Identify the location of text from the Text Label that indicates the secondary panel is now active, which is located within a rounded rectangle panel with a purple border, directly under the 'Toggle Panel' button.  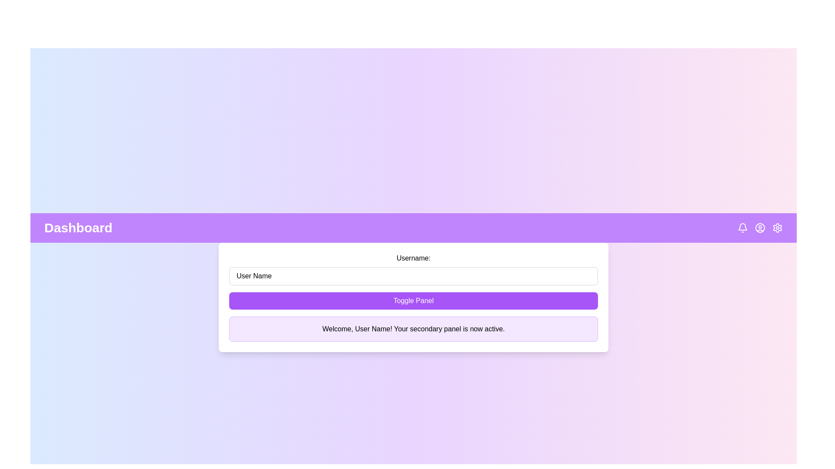
(413, 329).